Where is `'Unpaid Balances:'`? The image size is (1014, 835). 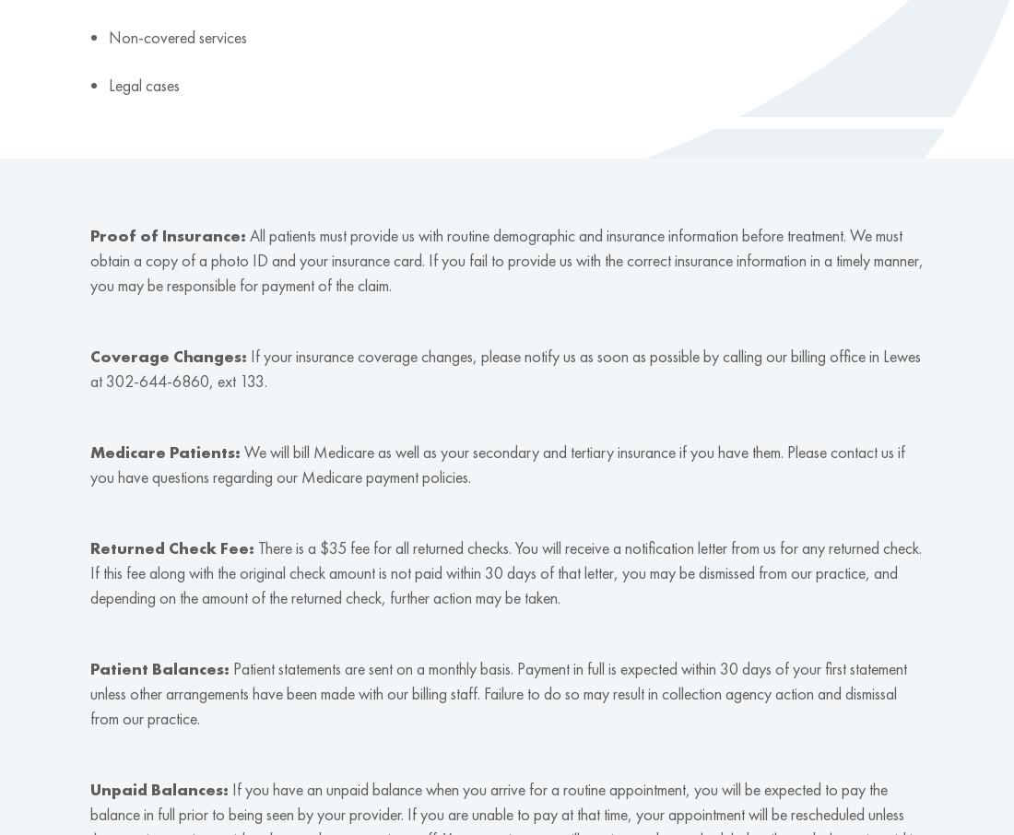
'Unpaid Balances:' is located at coordinates (158, 788).